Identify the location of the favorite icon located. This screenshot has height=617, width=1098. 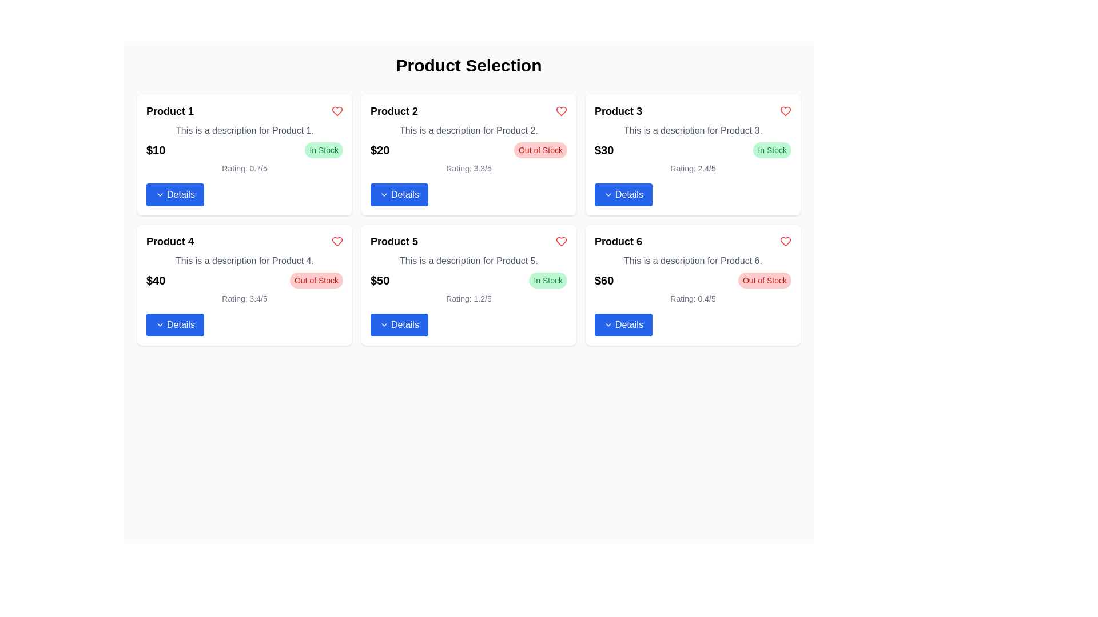
(337, 241).